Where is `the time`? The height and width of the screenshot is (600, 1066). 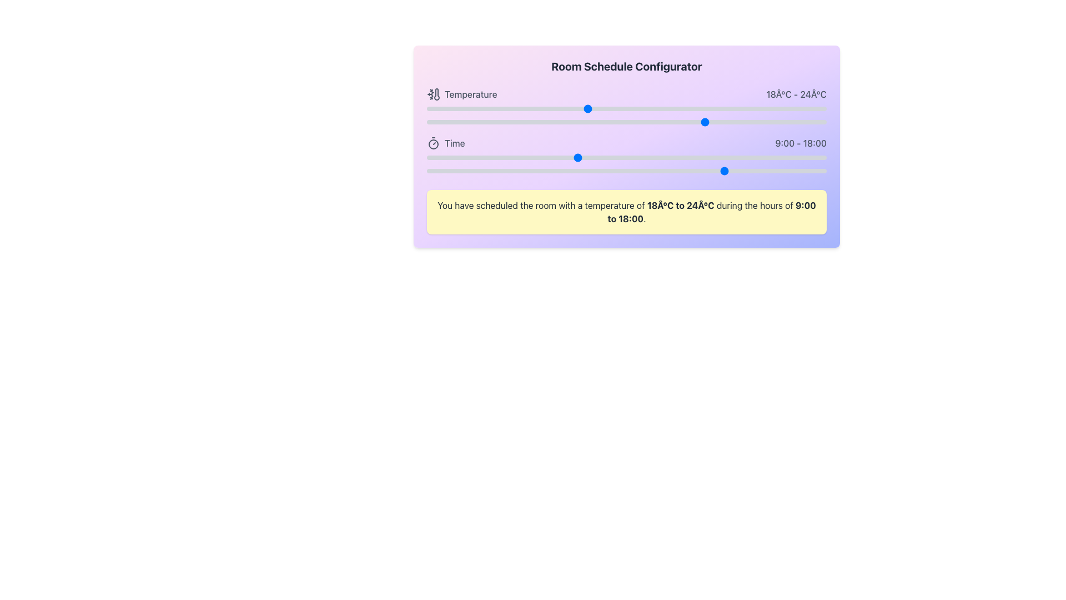 the time is located at coordinates (460, 158).